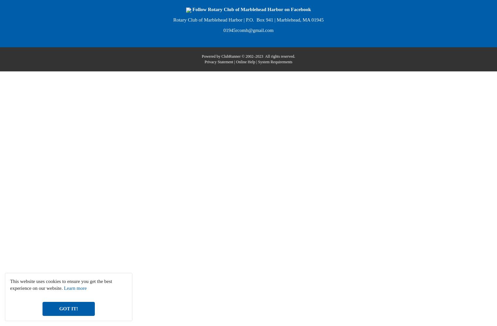 This screenshot has height=326, width=497. Describe the element at coordinates (240, 56) in the screenshot. I see `'© 2002–2023  All rights reserved.'` at that location.